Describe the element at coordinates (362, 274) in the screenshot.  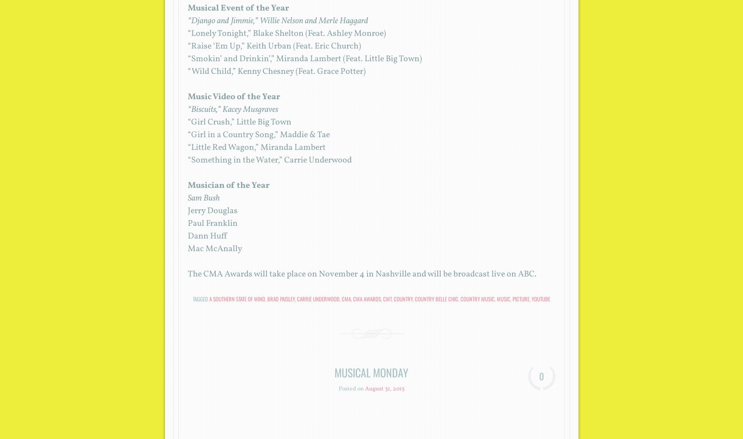
I see `'The CMA Awards will take place on November 4 in Nashville and will be broadcast live on ABC.'` at that location.